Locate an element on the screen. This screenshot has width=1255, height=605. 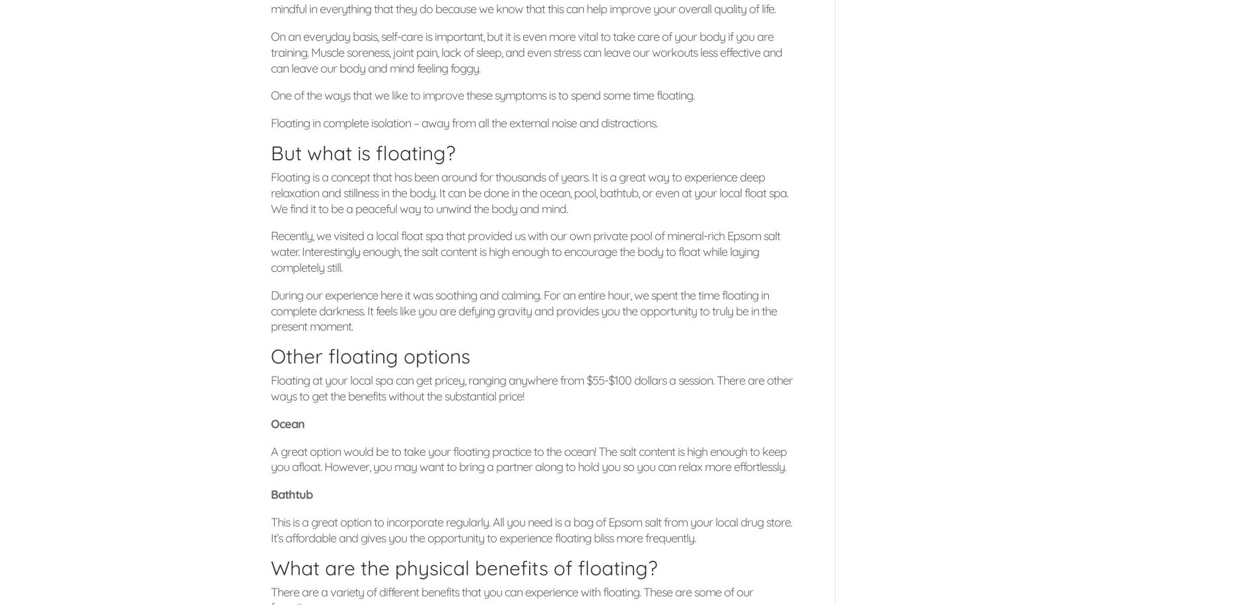
'Other floating options' is located at coordinates (371, 356).